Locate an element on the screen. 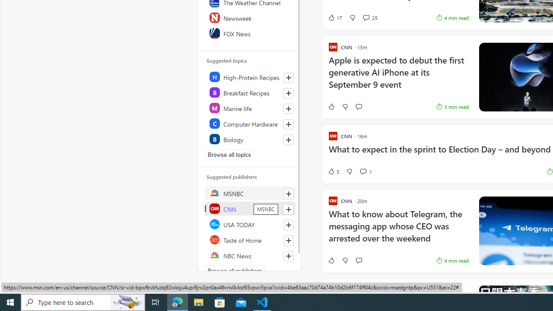 This screenshot has height=311, width=553. 'MSNBC' is located at coordinates (249, 193).